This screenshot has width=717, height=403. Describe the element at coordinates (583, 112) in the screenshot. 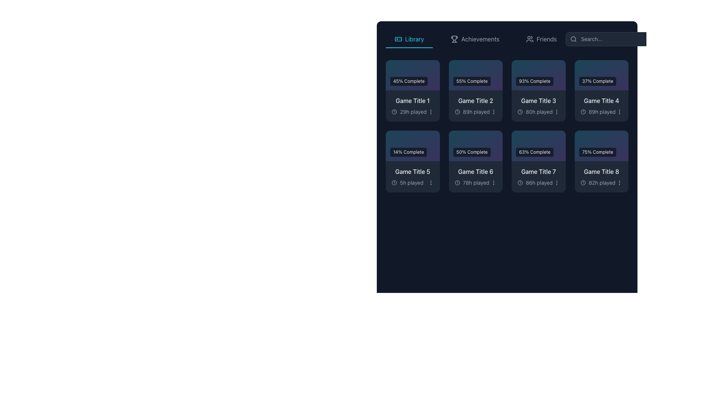

I see `the decorative clock-like element indicating time played for 'Game Title 4', which is located to the left of the '89h played' text` at that location.